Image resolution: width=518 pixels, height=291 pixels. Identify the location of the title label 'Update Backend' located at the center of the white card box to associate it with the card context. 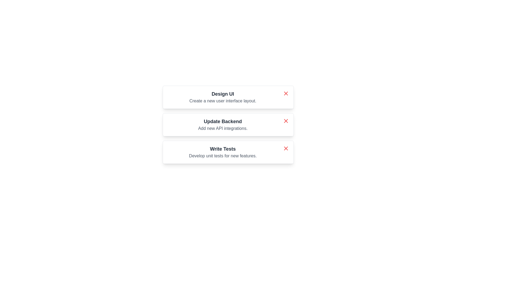
(223, 122).